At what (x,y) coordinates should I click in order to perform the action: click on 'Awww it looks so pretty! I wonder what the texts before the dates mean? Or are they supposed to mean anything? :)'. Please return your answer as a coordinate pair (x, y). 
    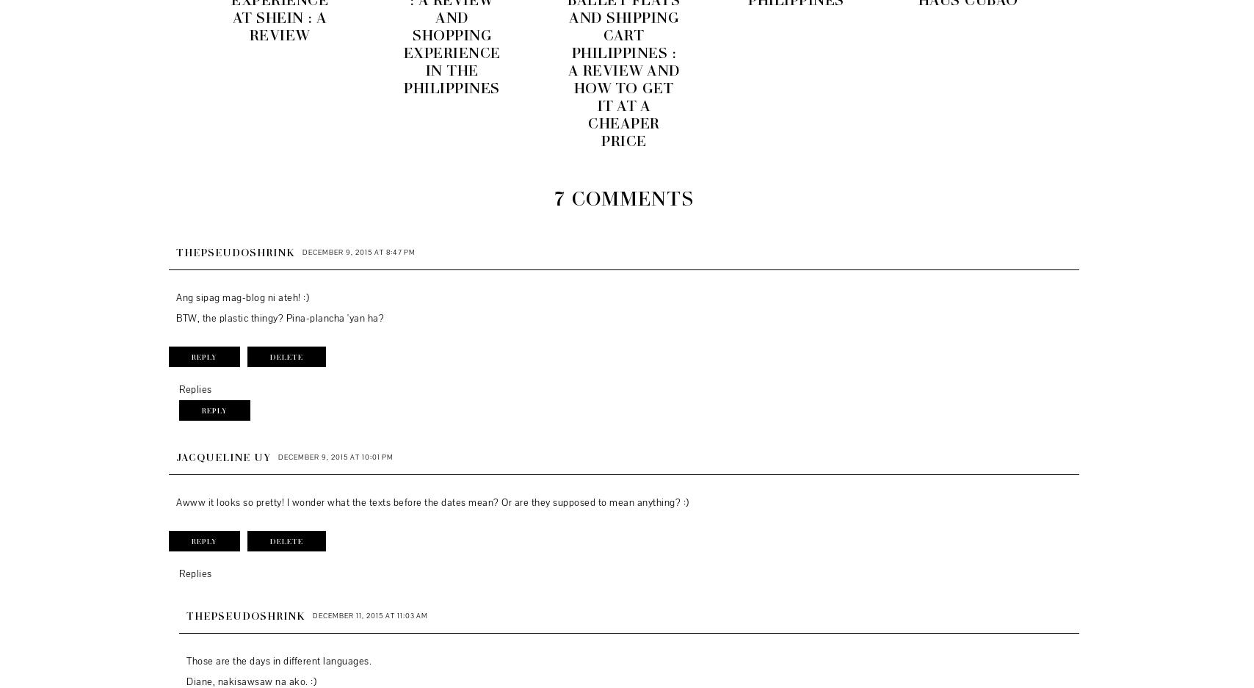
    Looking at the image, I should click on (175, 501).